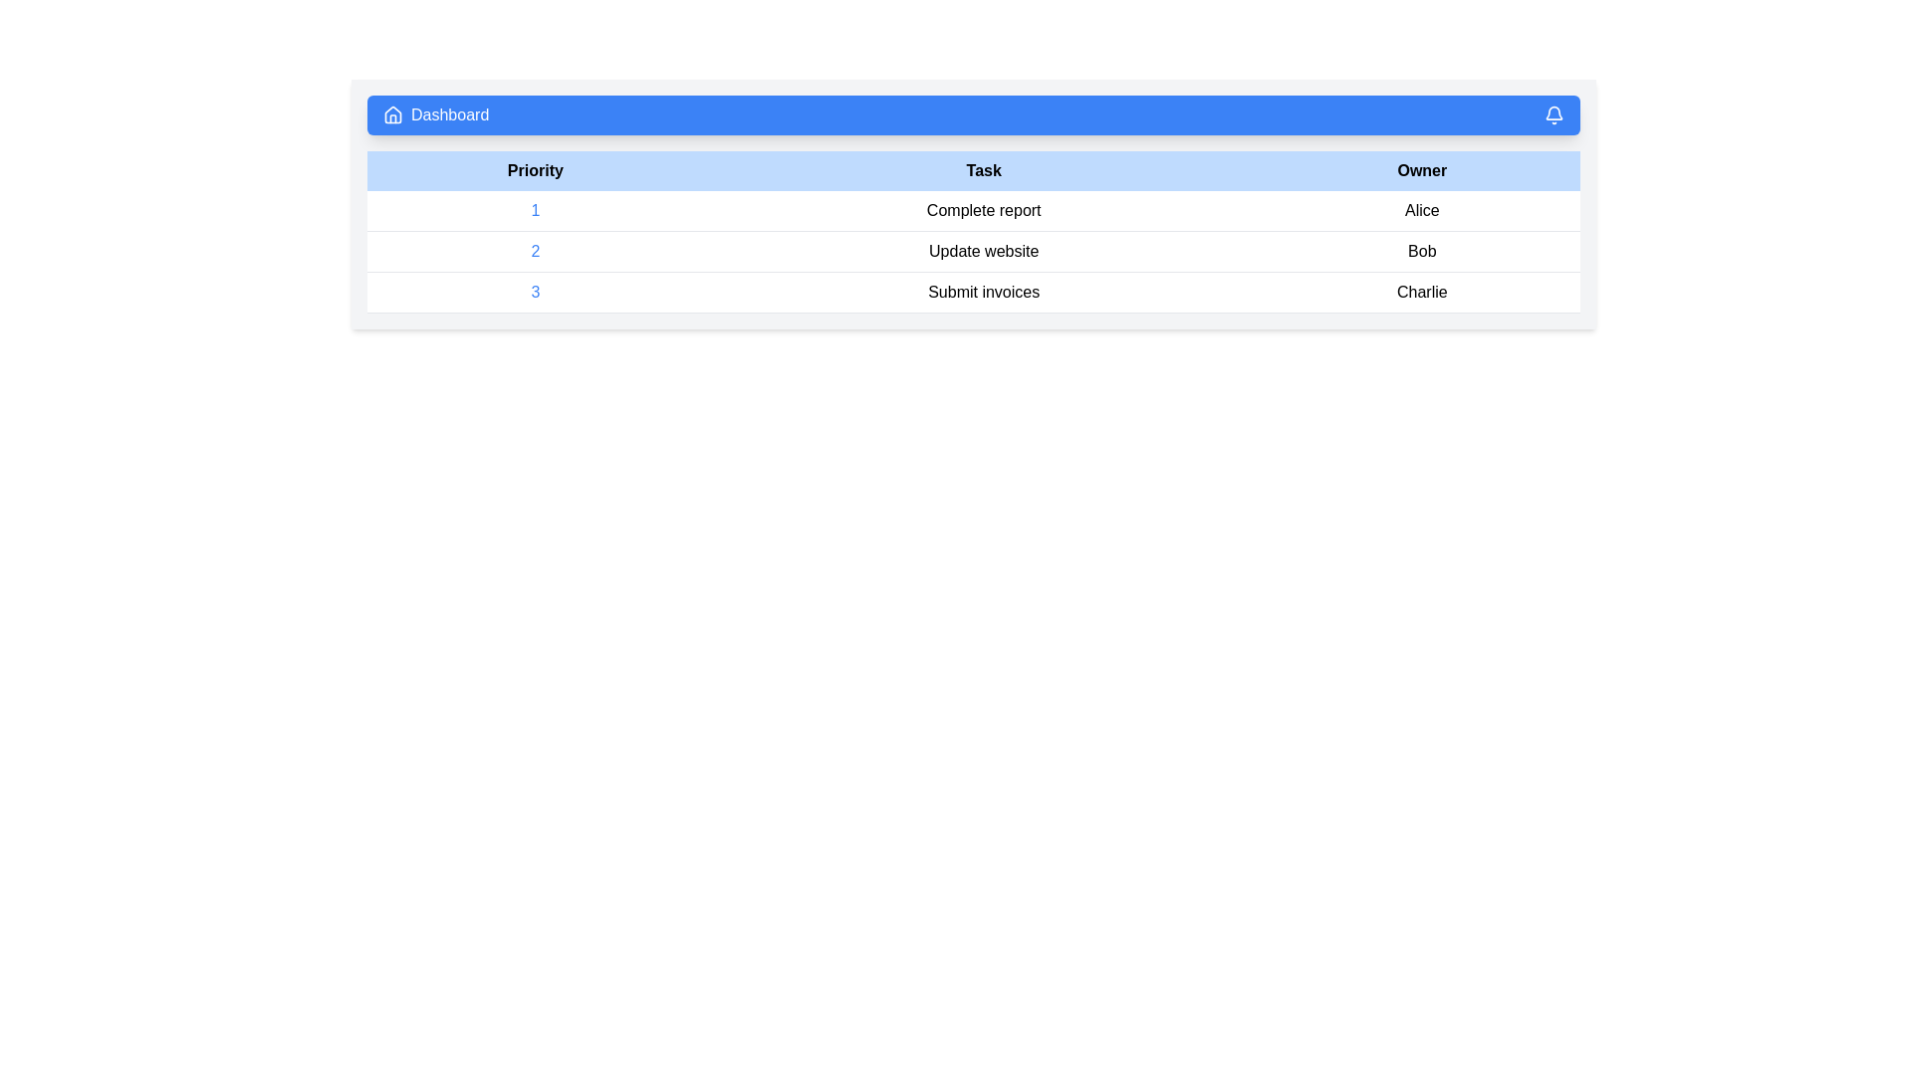  I want to click on the house icon SVG located in the top-left corner of the interface, next to the 'Dashboard' text, so click(392, 114).